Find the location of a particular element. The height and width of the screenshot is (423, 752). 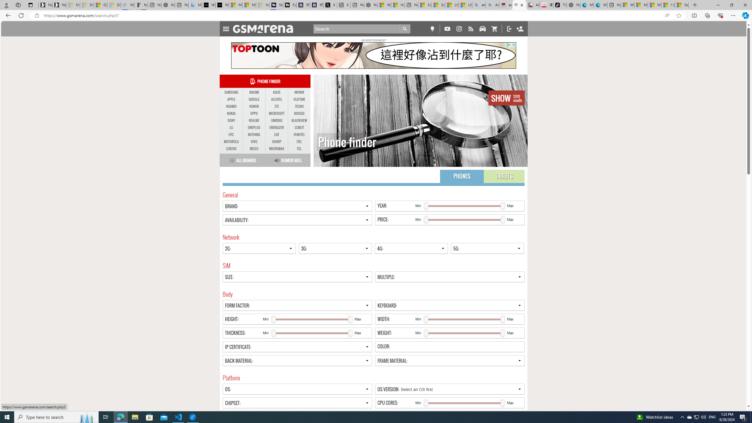

'REALME' is located at coordinates (254, 120).